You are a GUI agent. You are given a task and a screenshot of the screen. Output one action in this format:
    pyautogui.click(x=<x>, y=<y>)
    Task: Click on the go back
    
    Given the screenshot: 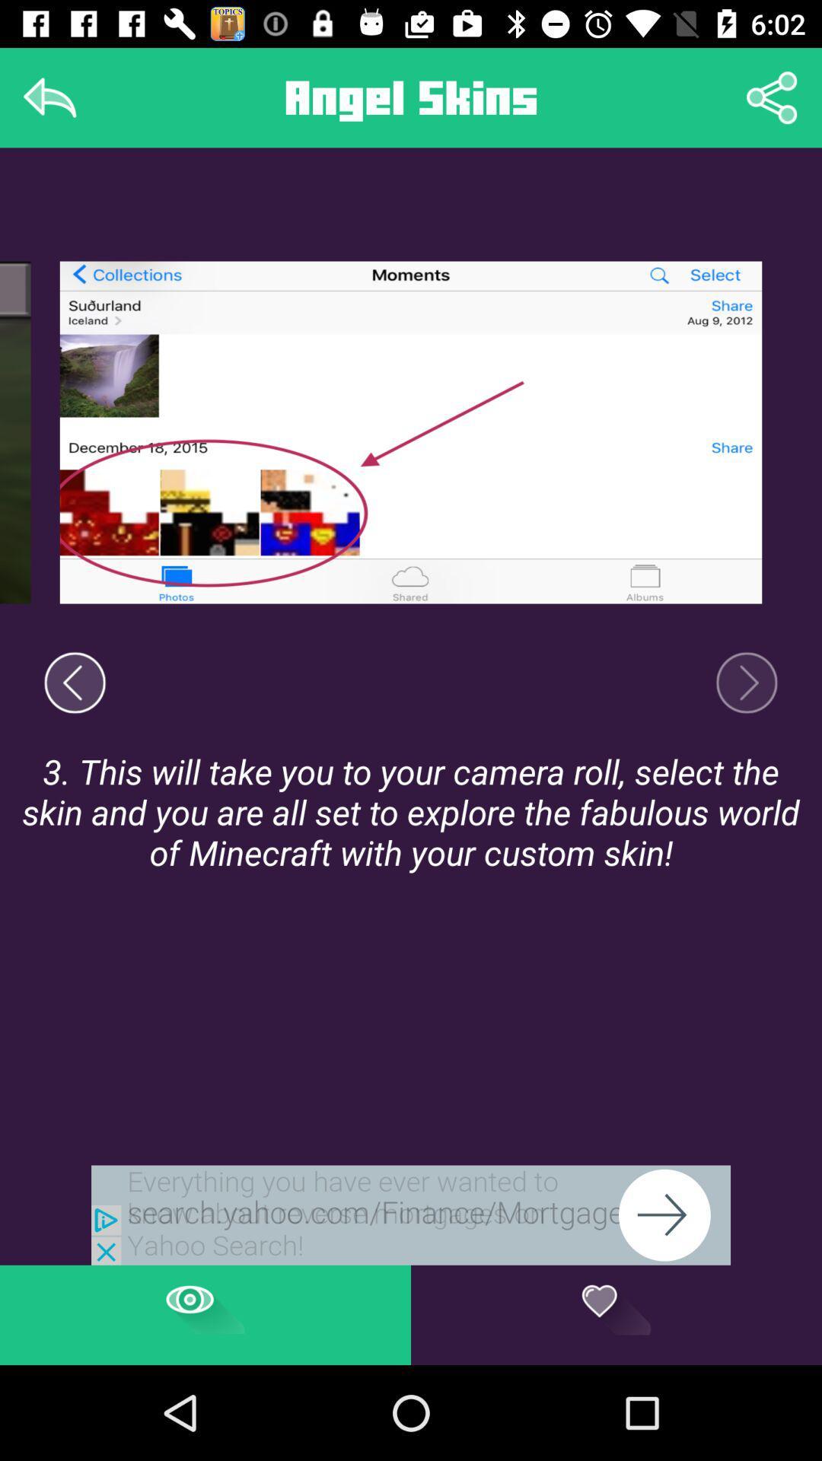 What is the action you would take?
    pyautogui.click(x=49, y=97)
    